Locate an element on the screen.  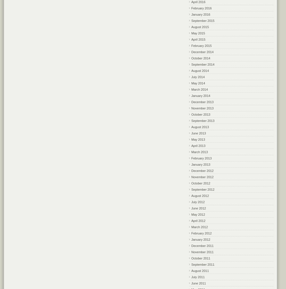
'June 2012' is located at coordinates (191, 208).